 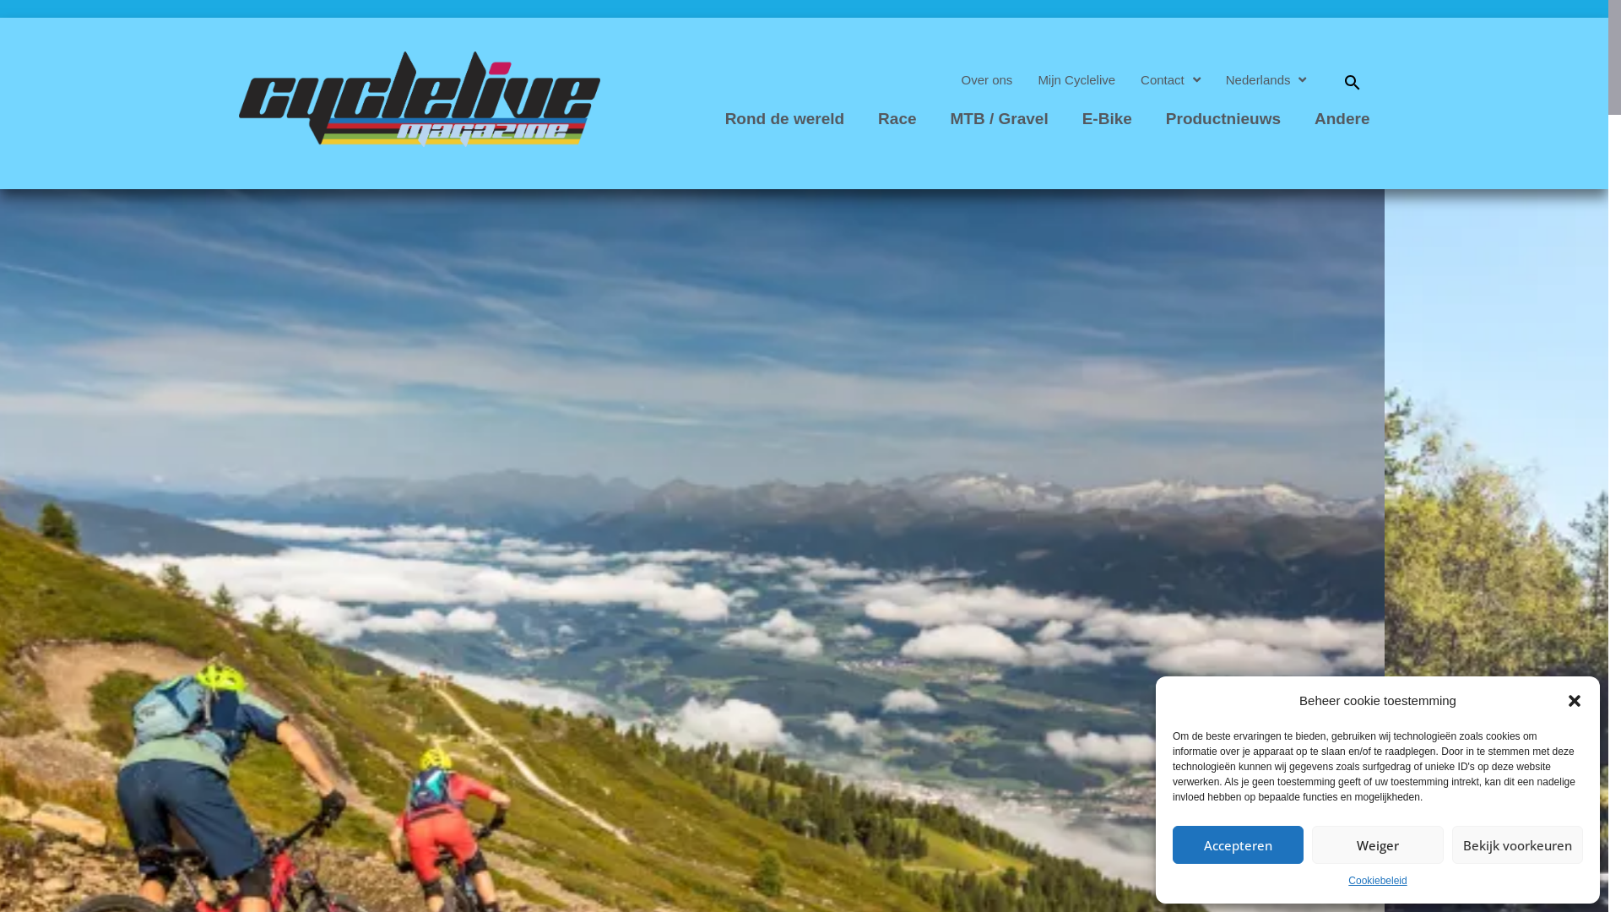 I want to click on 'Contact', so click(x=1127, y=80).